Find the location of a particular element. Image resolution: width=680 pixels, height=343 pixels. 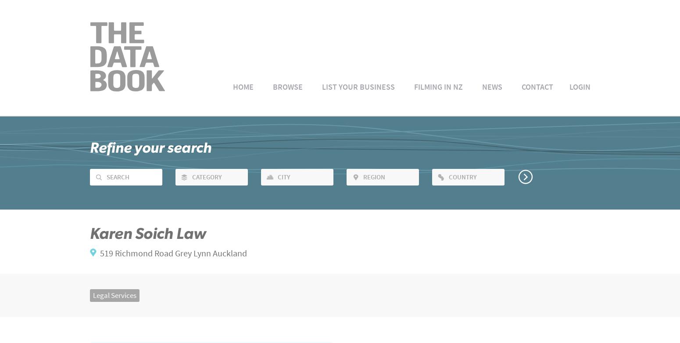

'519 Richmond Road
Grey Lynn
Auckland' is located at coordinates (173, 253).